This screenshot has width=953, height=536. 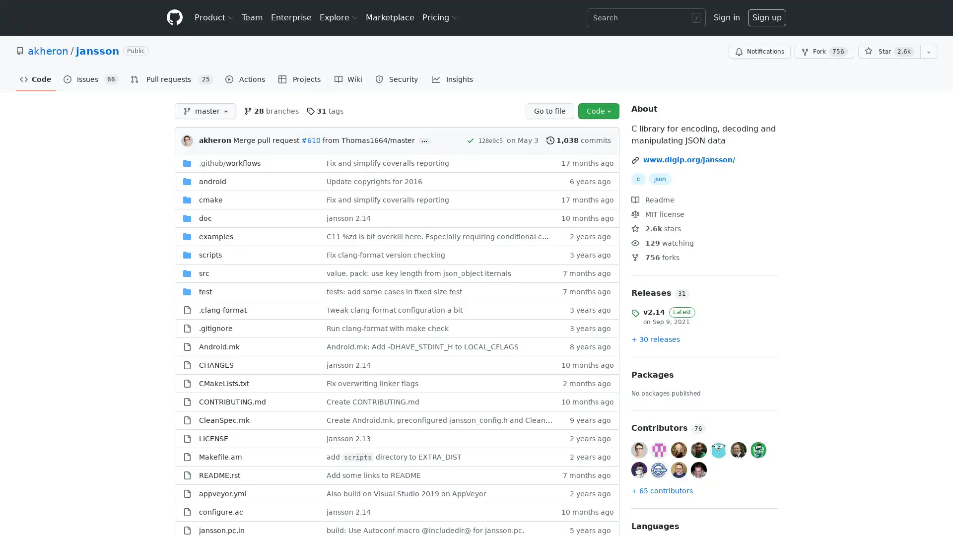 What do you see at coordinates (928, 52) in the screenshot?
I see `You must be signed in to add this repository to a list` at bounding box center [928, 52].